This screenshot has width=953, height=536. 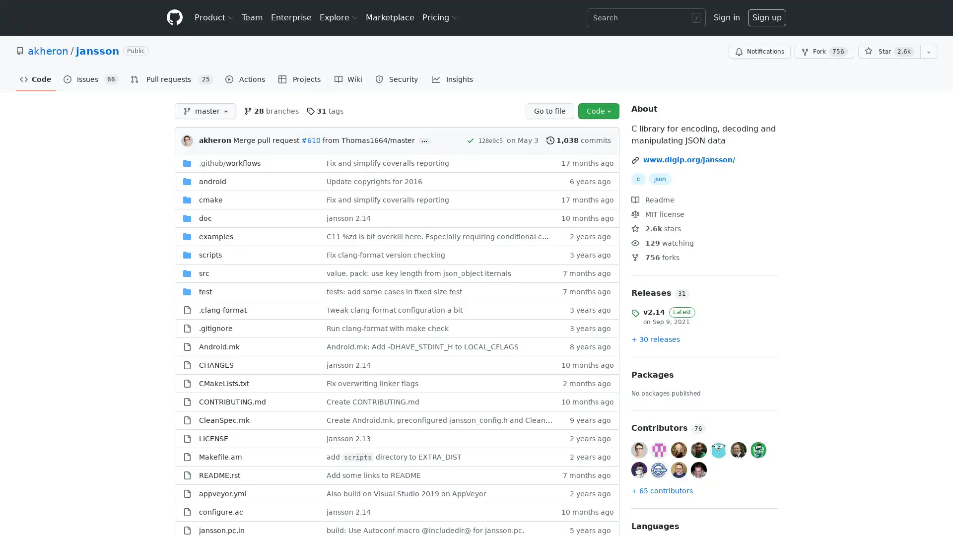 What do you see at coordinates (928, 52) in the screenshot?
I see `You must be signed in to add this repository to a list` at bounding box center [928, 52].